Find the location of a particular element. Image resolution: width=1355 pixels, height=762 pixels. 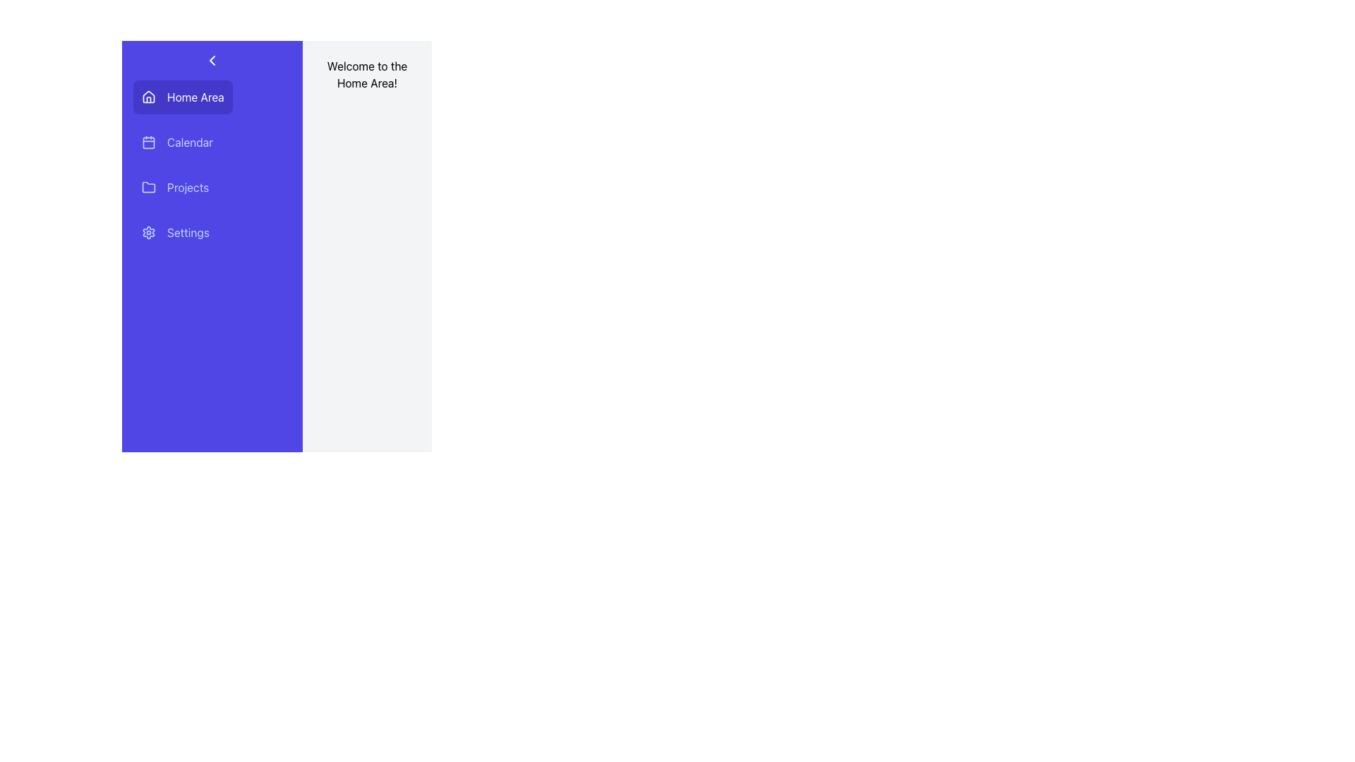

the 'Home Area' text label located to the right of the house-shaped icon in the navigation menu is located at coordinates (195, 97).